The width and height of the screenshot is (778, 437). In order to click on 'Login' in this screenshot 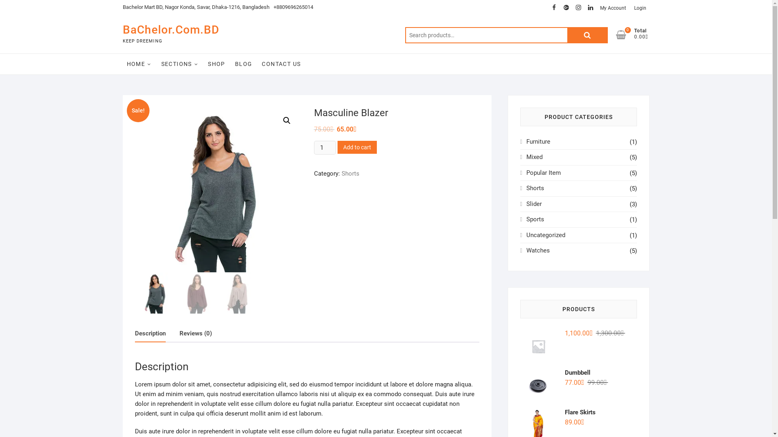, I will do `click(630, 8)`.